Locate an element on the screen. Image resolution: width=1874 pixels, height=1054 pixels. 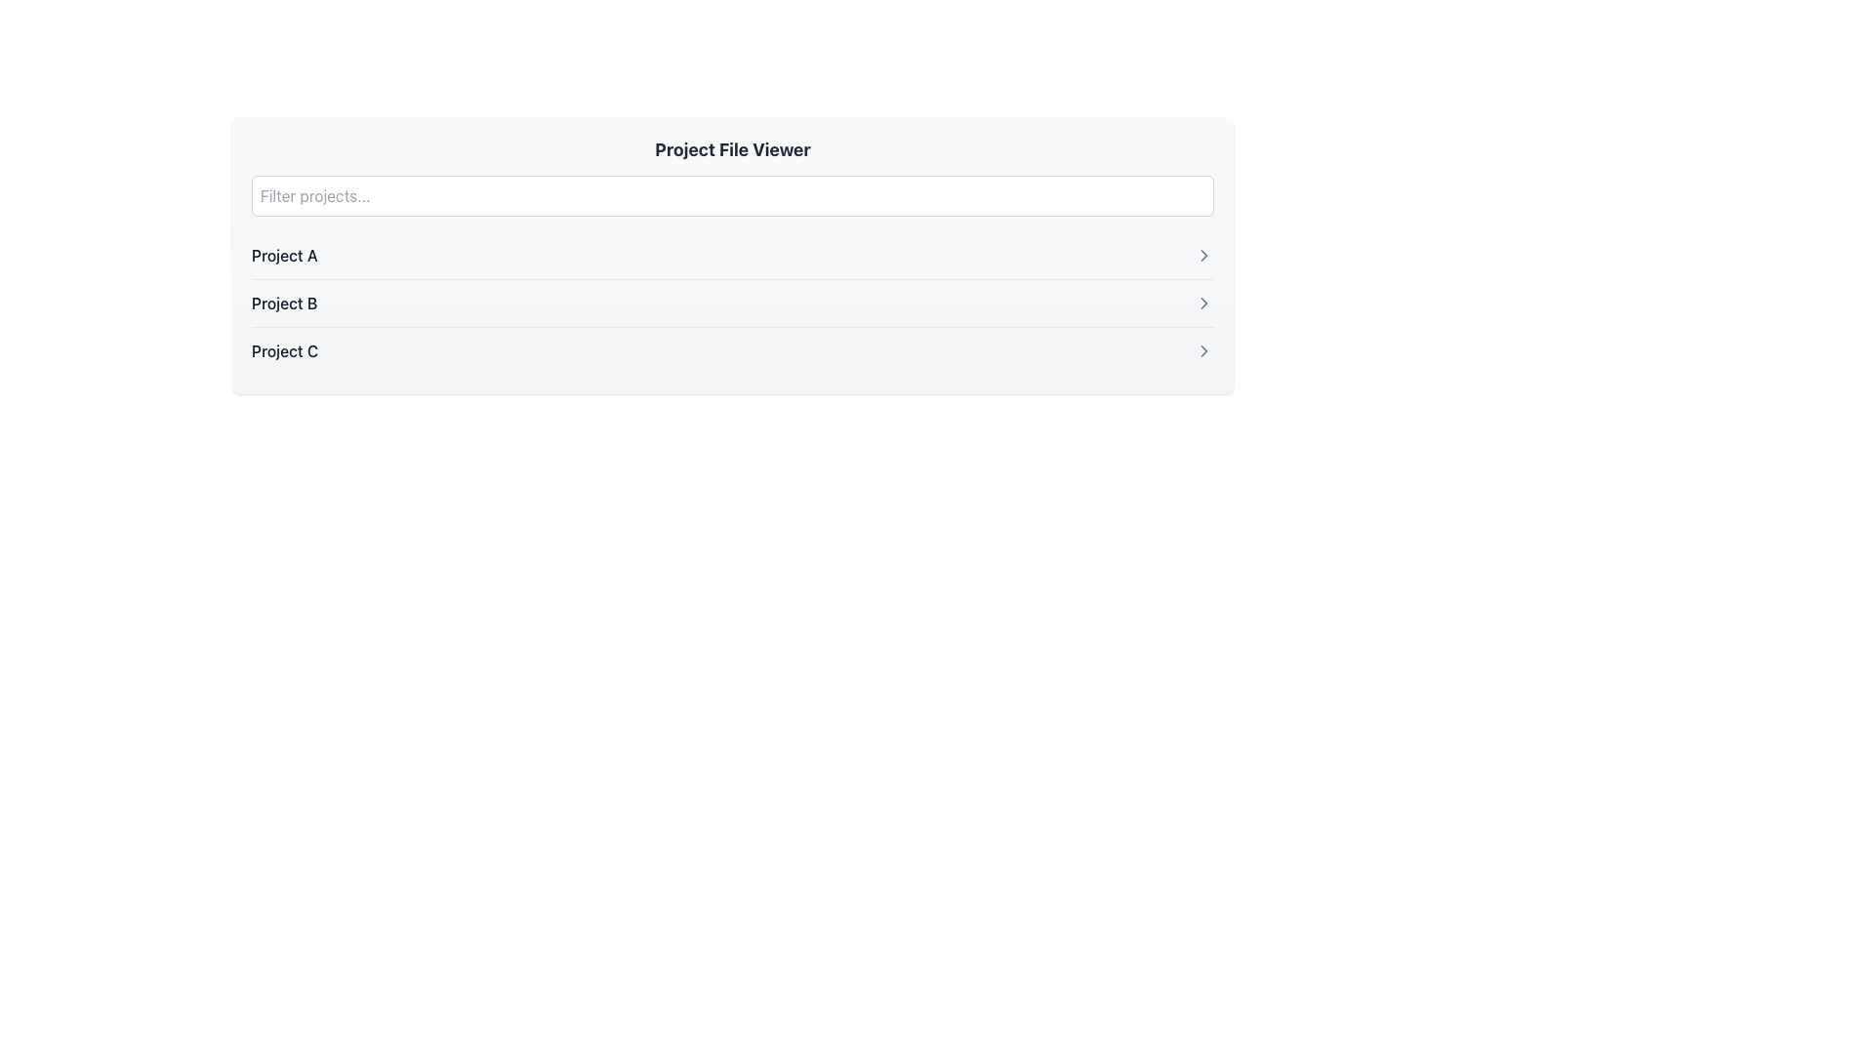
text label identifying the project, which is the second item in a vertical list labeled 'Project B', centrally aligned between 'Project A' and 'Project C' is located at coordinates (283, 304).